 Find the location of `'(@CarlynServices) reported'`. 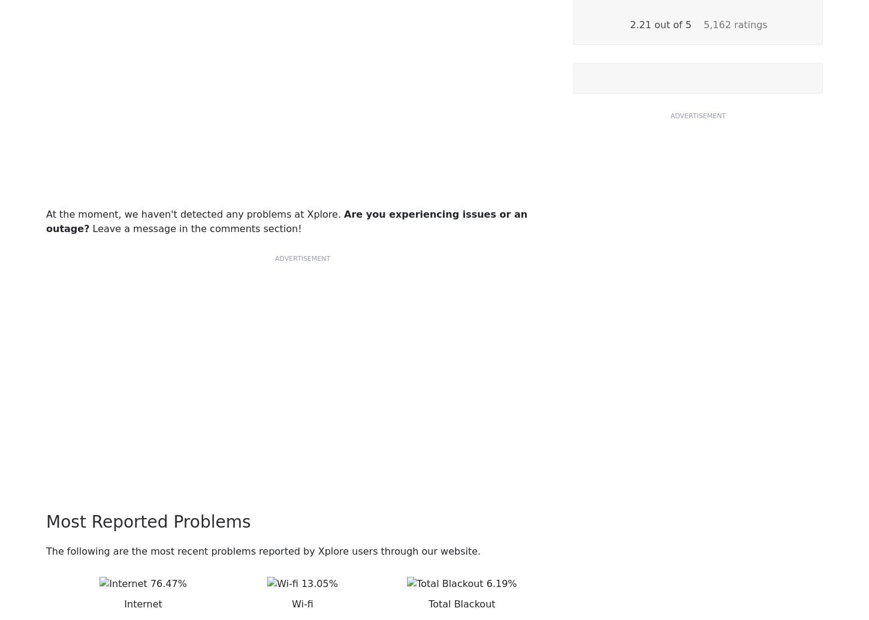

'(@CarlynServices) reported' is located at coordinates (192, 253).